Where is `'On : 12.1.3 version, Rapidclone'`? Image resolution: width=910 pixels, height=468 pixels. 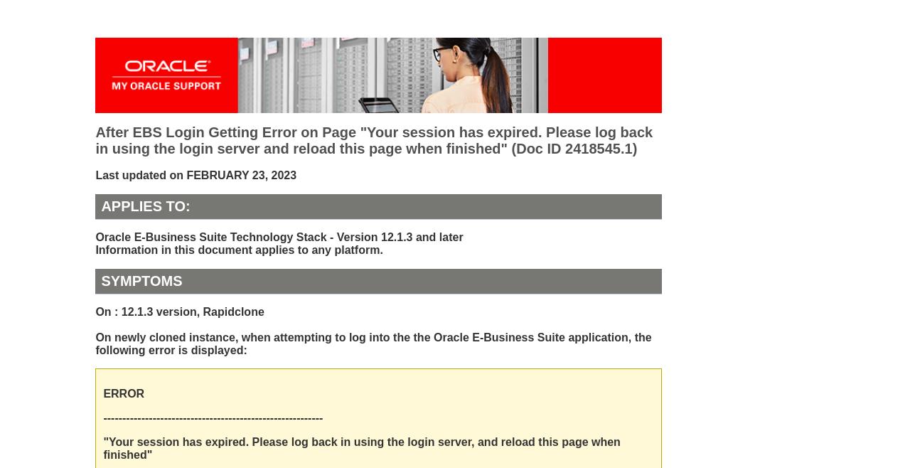 'On : 12.1.3 version, Rapidclone' is located at coordinates (95, 312).